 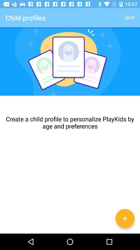 I want to click on item at the bottom right corner, so click(x=125, y=218).